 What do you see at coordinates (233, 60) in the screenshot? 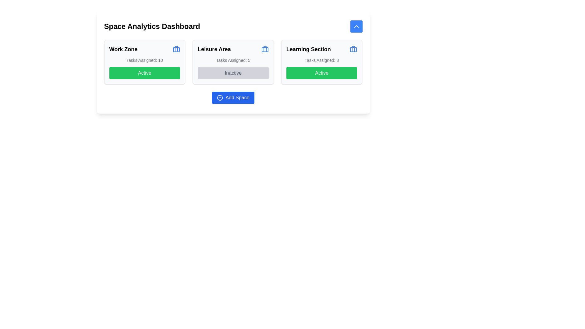
I see `the static text label displaying 'Tasks Assigned: 5' located in the 'Leisure Area' section, positioned below the title 'Leisure Area' and above the 'Inactive' button` at bounding box center [233, 60].